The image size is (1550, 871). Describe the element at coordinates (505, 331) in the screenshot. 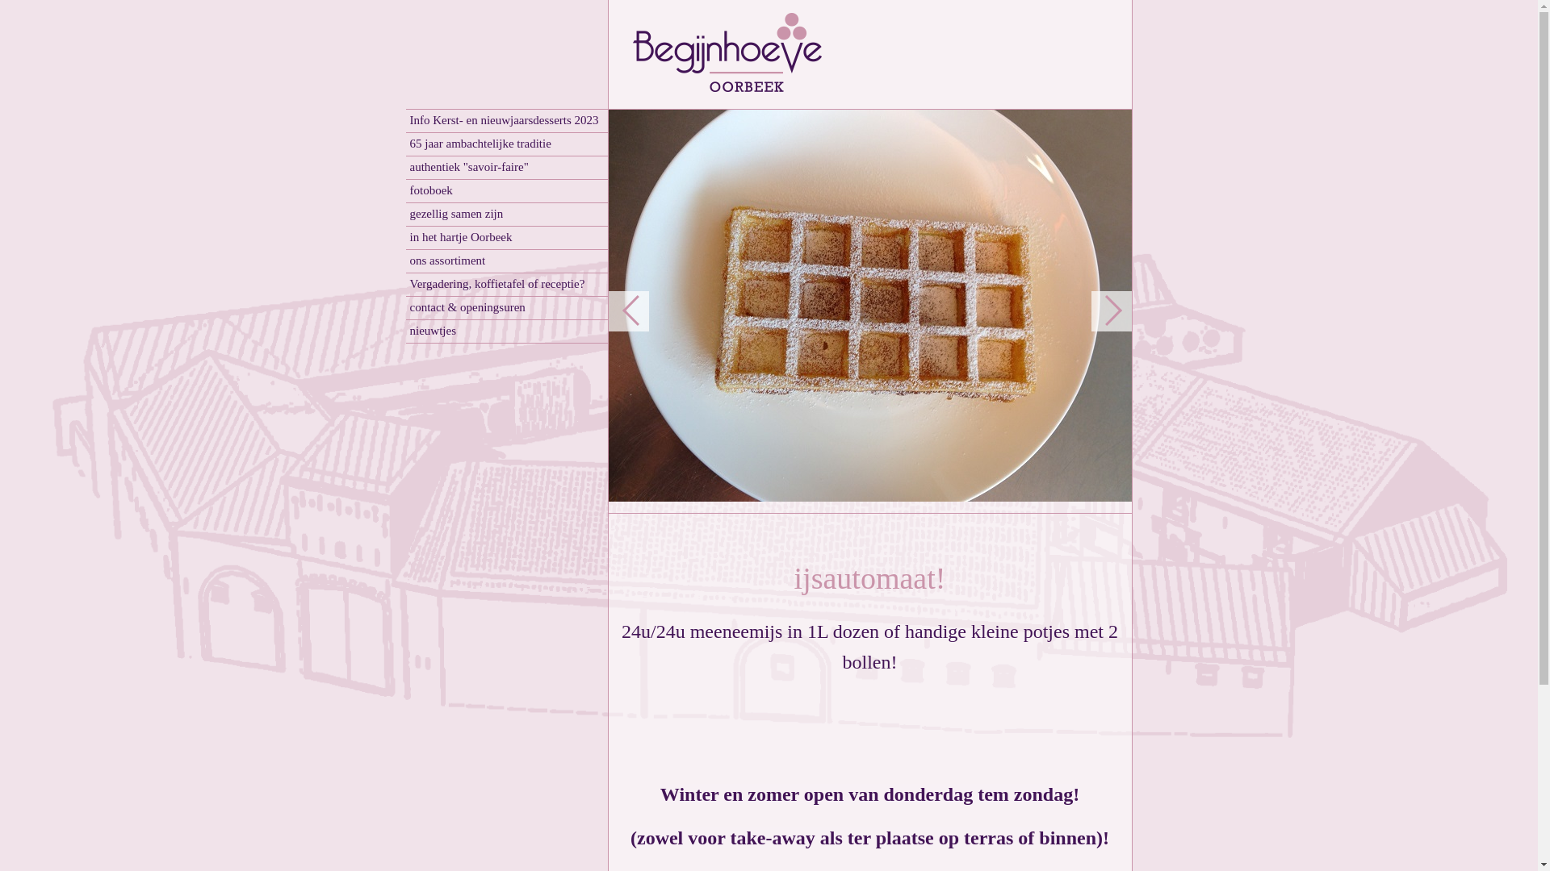

I see `'nieuwtjes'` at that location.